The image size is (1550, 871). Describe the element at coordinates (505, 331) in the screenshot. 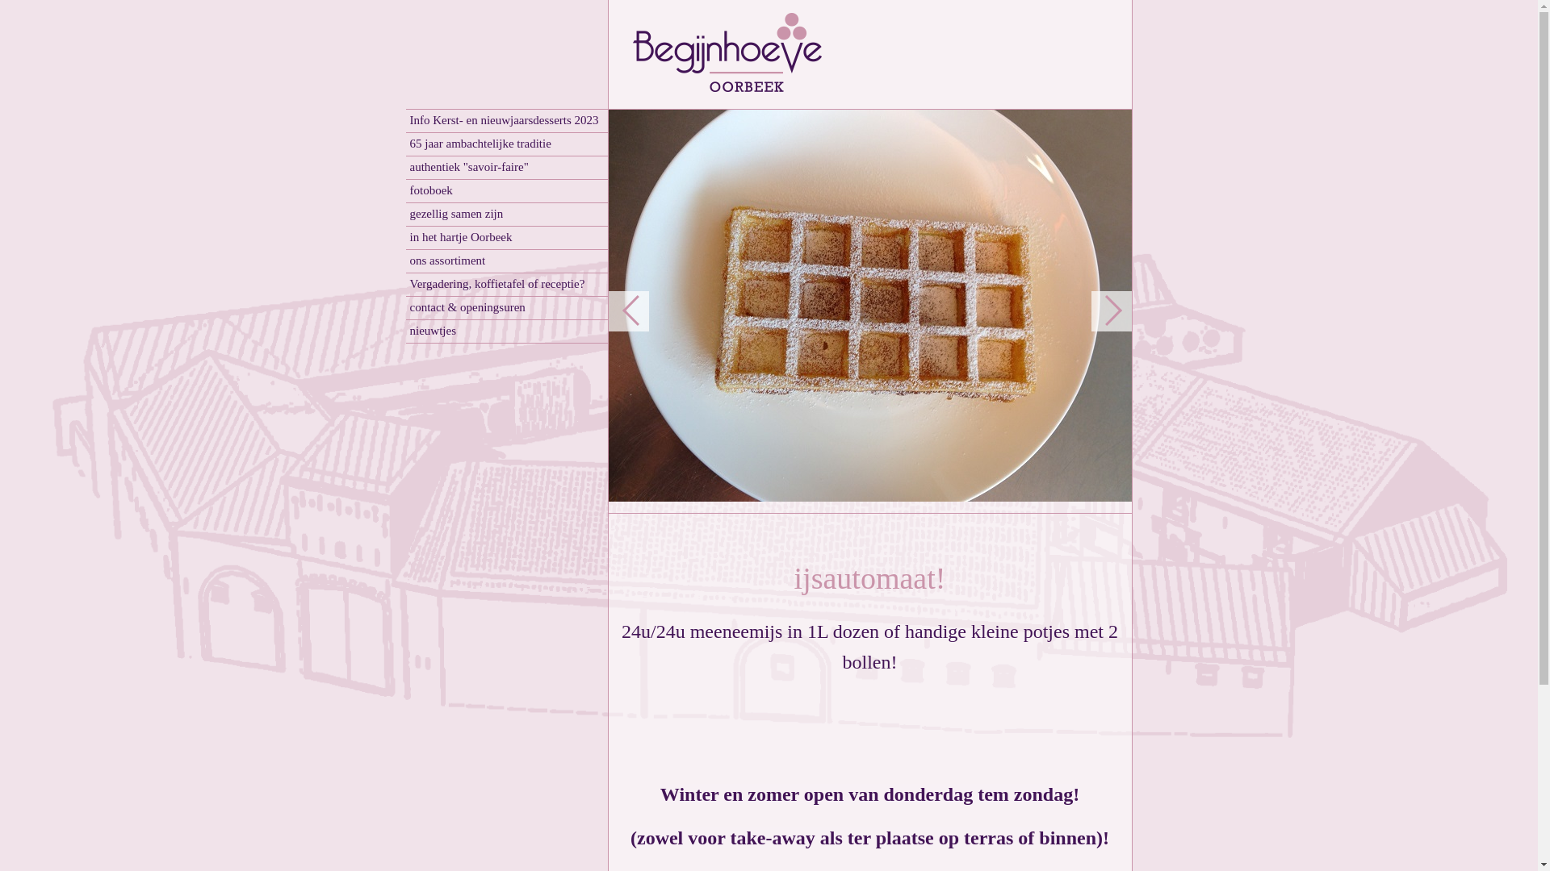

I see `'nieuwtjes'` at that location.